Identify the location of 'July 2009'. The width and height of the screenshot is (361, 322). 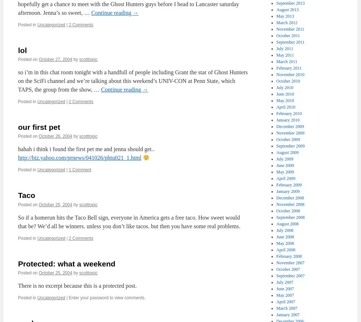
(284, 158).